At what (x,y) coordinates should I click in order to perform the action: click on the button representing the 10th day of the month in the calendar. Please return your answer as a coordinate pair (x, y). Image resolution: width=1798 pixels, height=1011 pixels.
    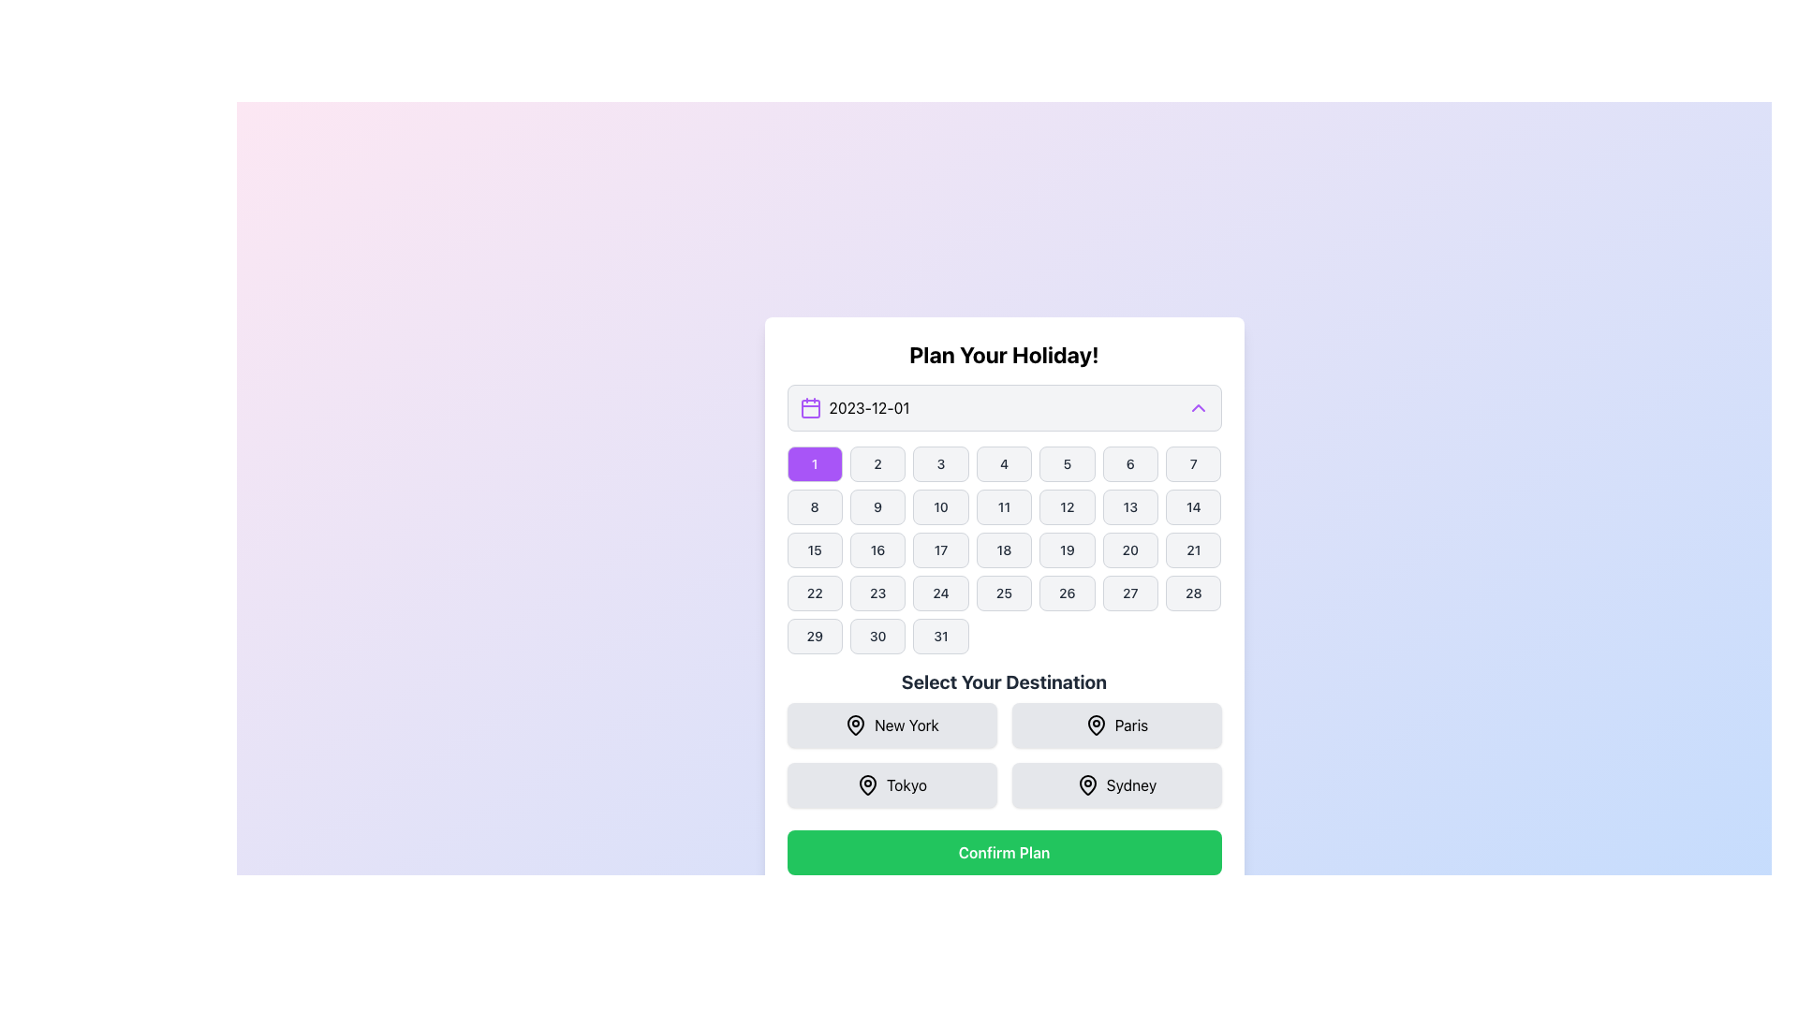
    Looking at the image, I should click on (941, 507).